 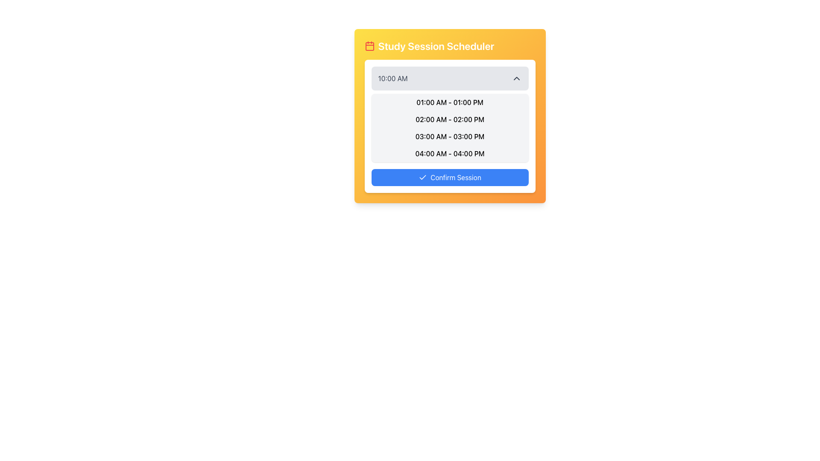 What do you see at coordinates (449, 79) in the screenshot?
I see `the Dropdown Toggle Button` at bounding box center [449, 79].